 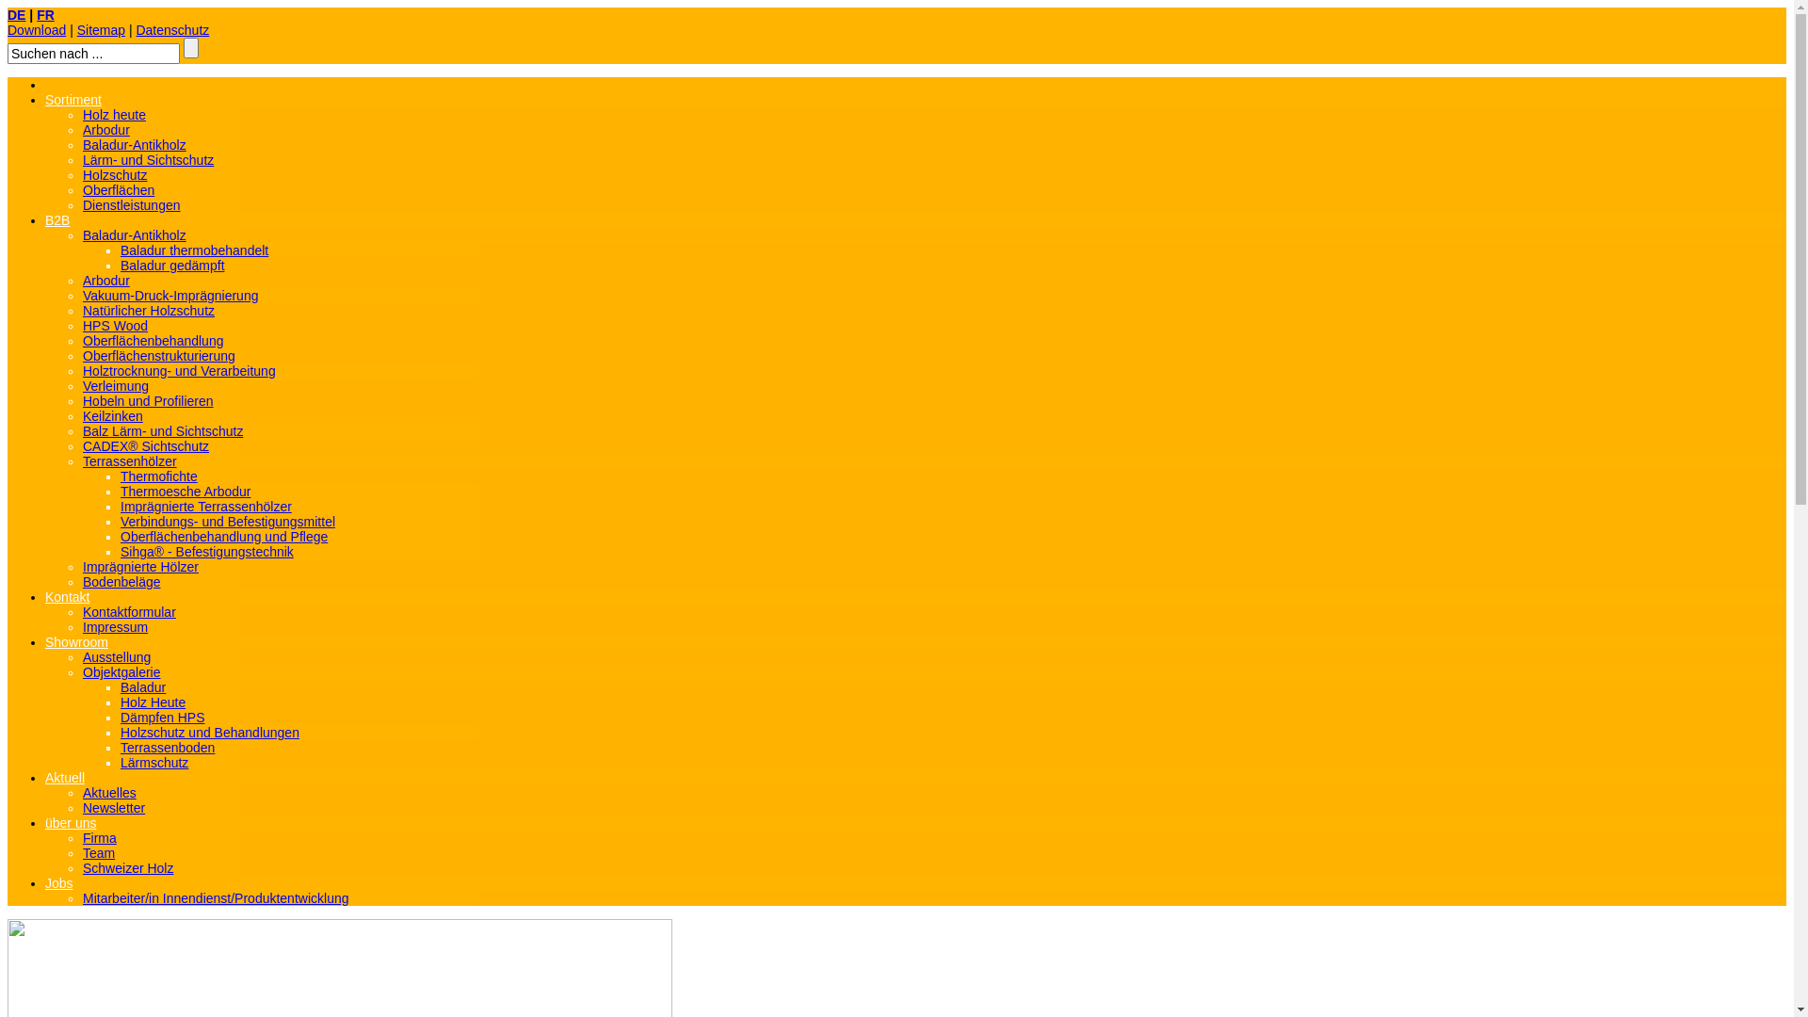 I want to click on 'DE', so click(x=16, y=14).